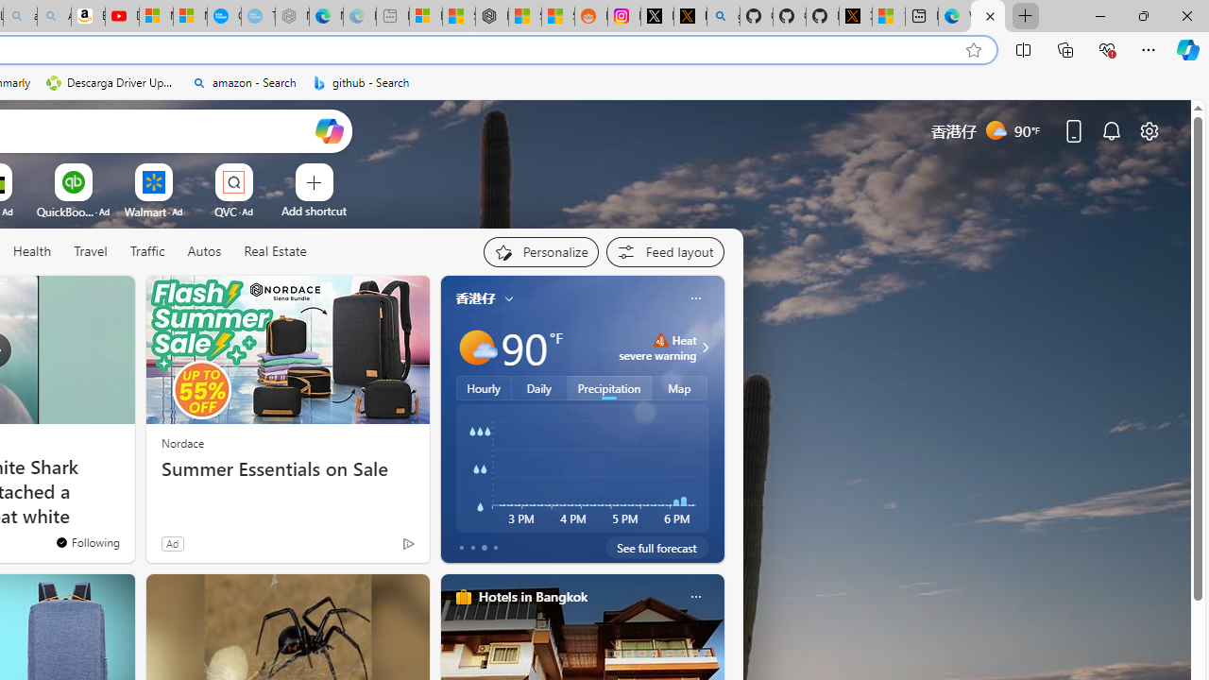  What do you see at coordinates (361, 82) in the screenshot?
I see `'github - Search'` at bounding box center [361, 82].